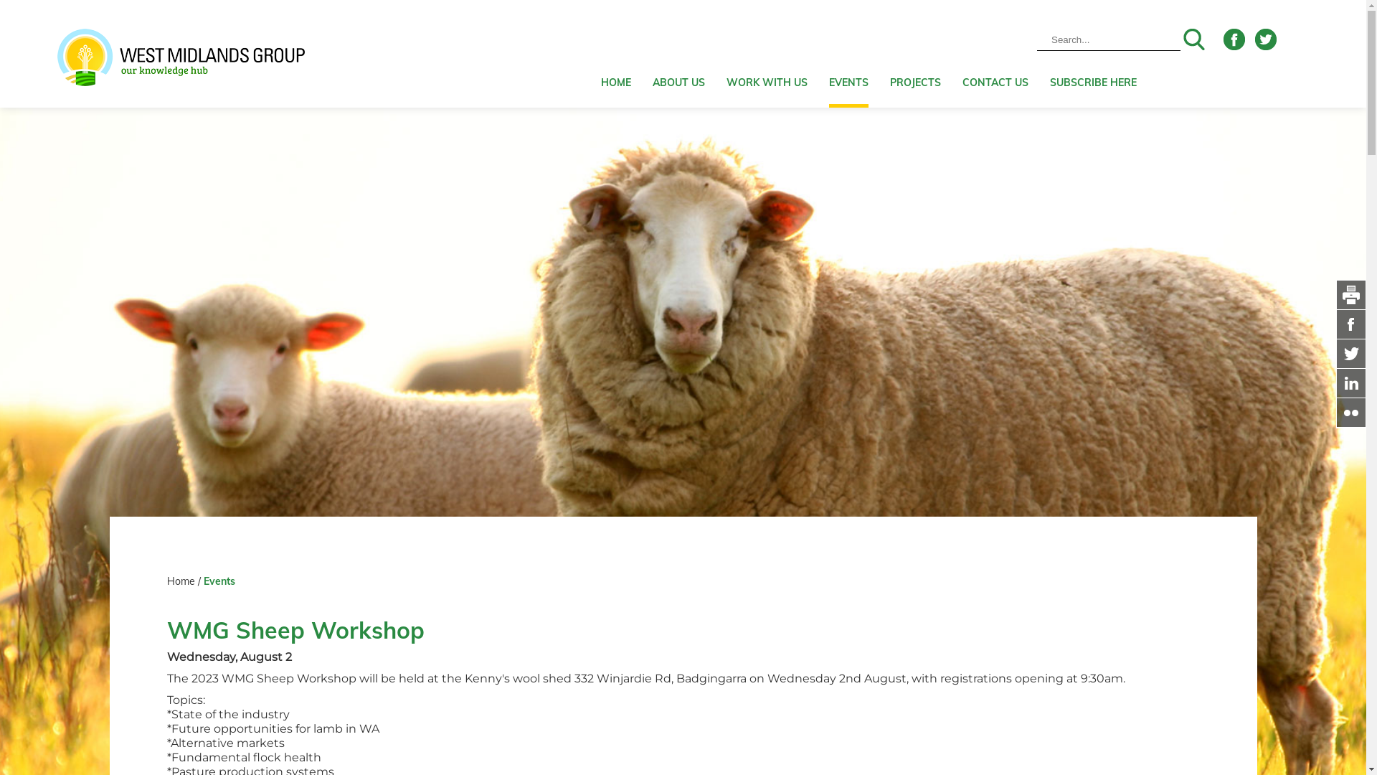  What do you see at coordinates (1050, 52) in the screenshot?
I see `'SUBSCRIBE HERE'` at bounding box center [1050, 52].